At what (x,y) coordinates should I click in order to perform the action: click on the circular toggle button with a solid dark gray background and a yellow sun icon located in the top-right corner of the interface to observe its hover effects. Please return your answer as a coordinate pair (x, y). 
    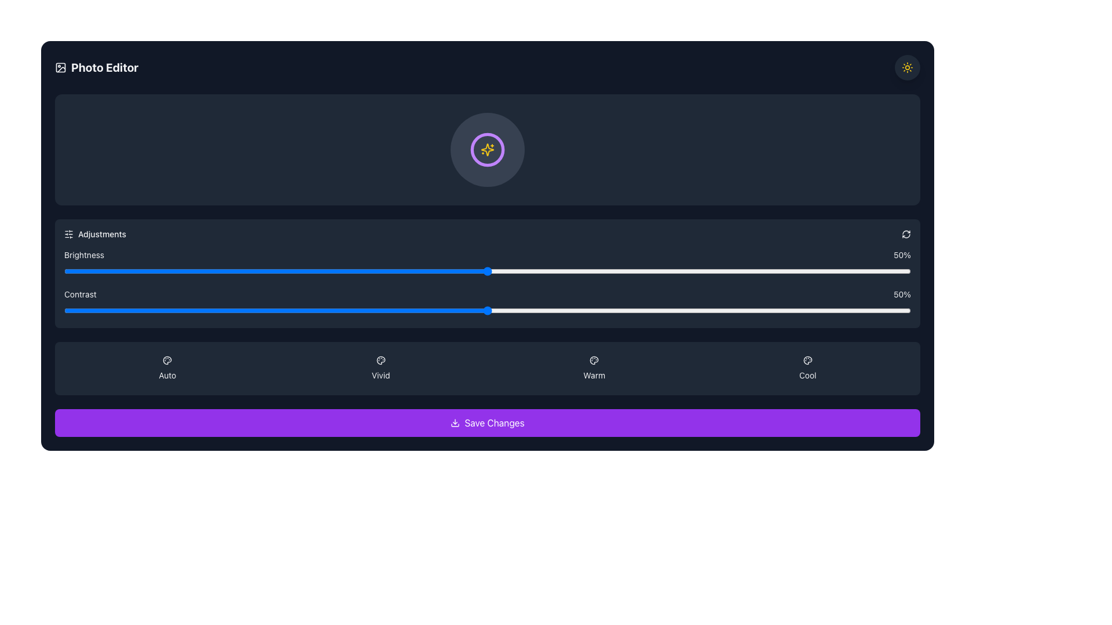
    Looking at the image, I should click on (906, 67).